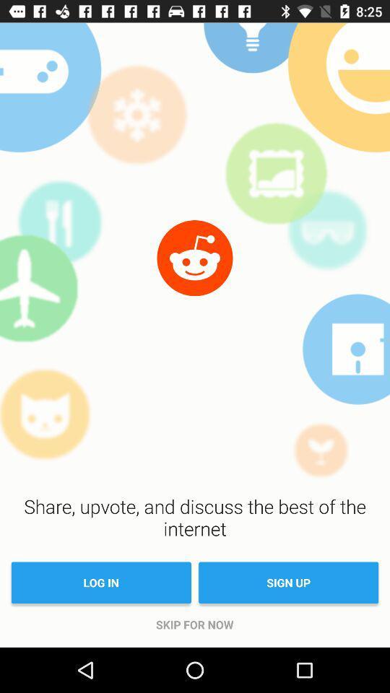  Describe the element at coordinates (194, 624) in the screenshot. I see `skip for now` at that location.